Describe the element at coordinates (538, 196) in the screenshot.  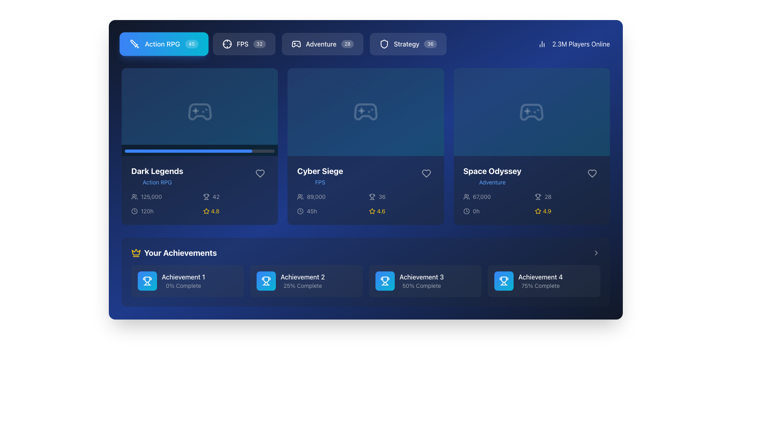
I see `the trophy cup icon representing achievements, located below the 'Your Achievements' section in the award-related visual` at that location.